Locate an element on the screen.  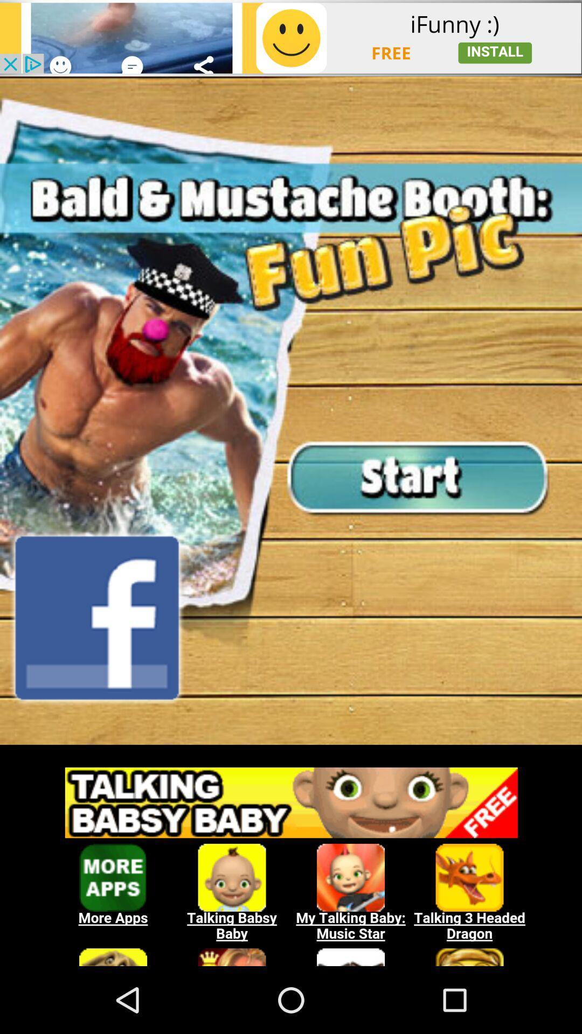
opens the advertisement is located at coordinates (291, 860).